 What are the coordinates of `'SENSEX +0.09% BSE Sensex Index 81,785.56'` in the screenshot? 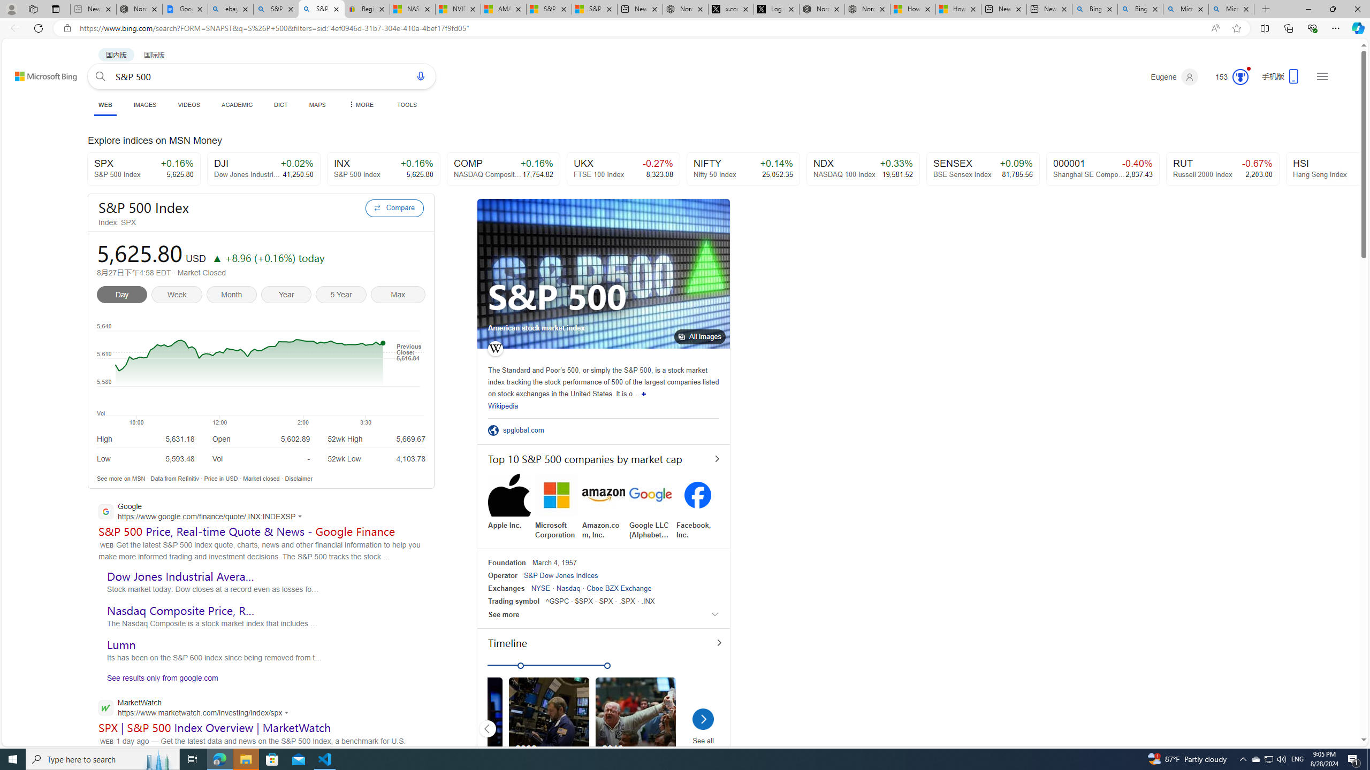 It's located at (984, 168).